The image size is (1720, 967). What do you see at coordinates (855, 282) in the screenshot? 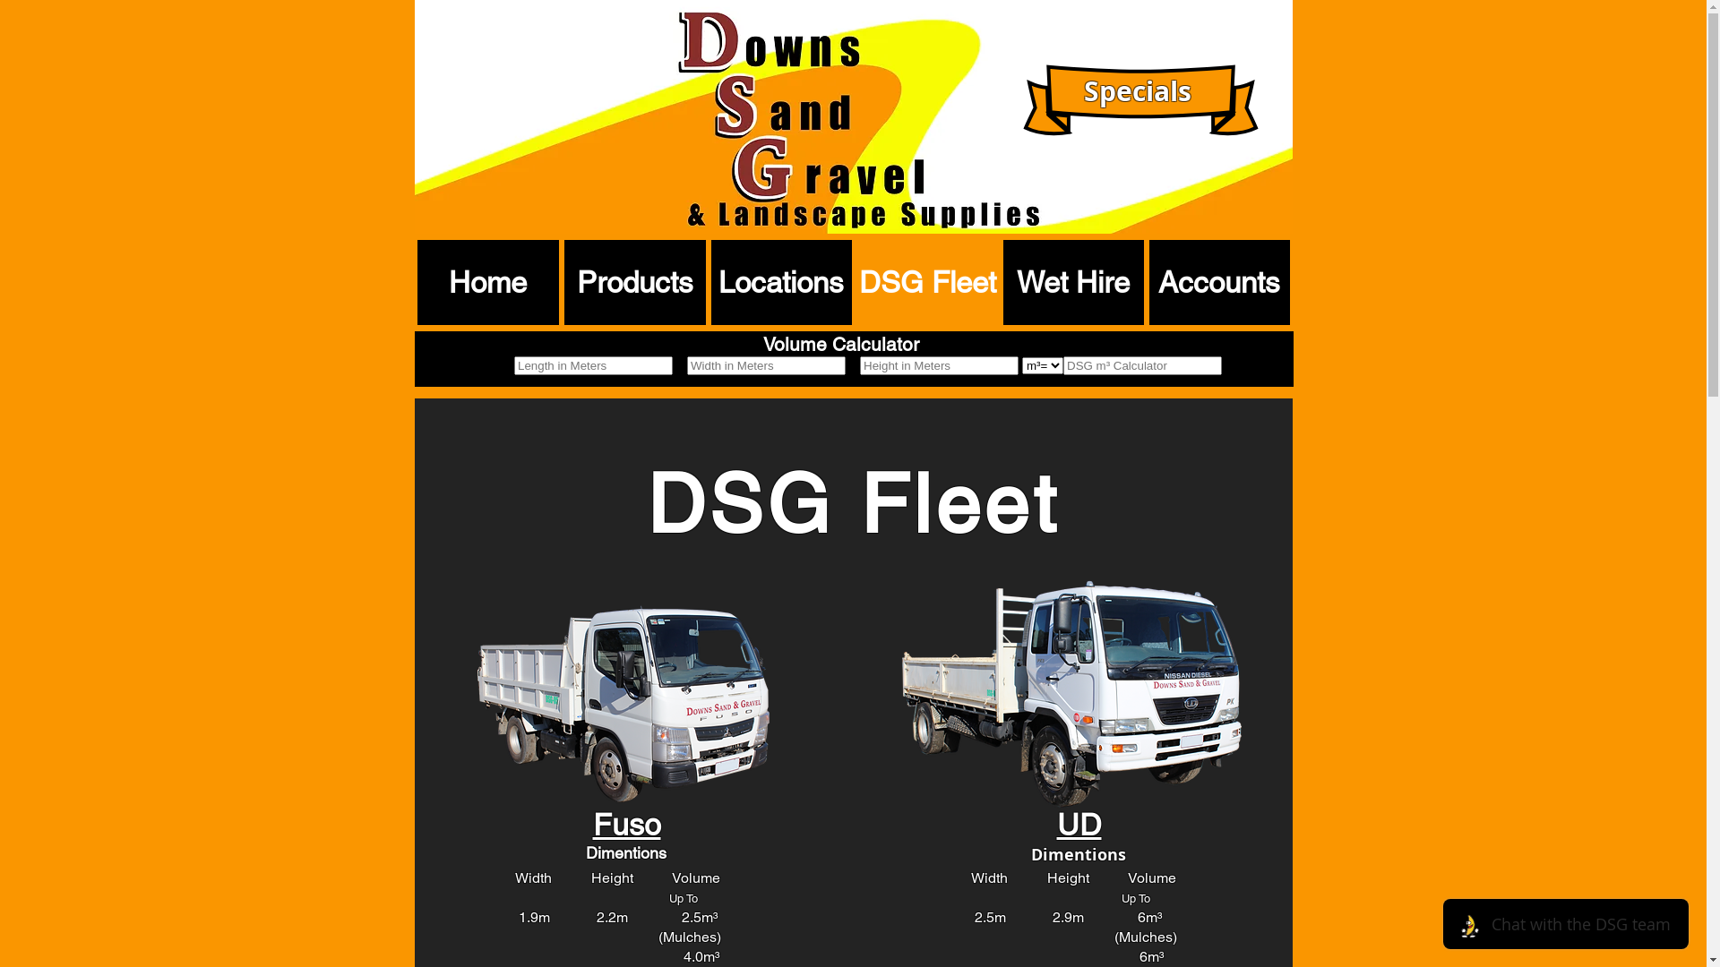
I see `'DSG Fleet'` at bounding box center [855, 282].